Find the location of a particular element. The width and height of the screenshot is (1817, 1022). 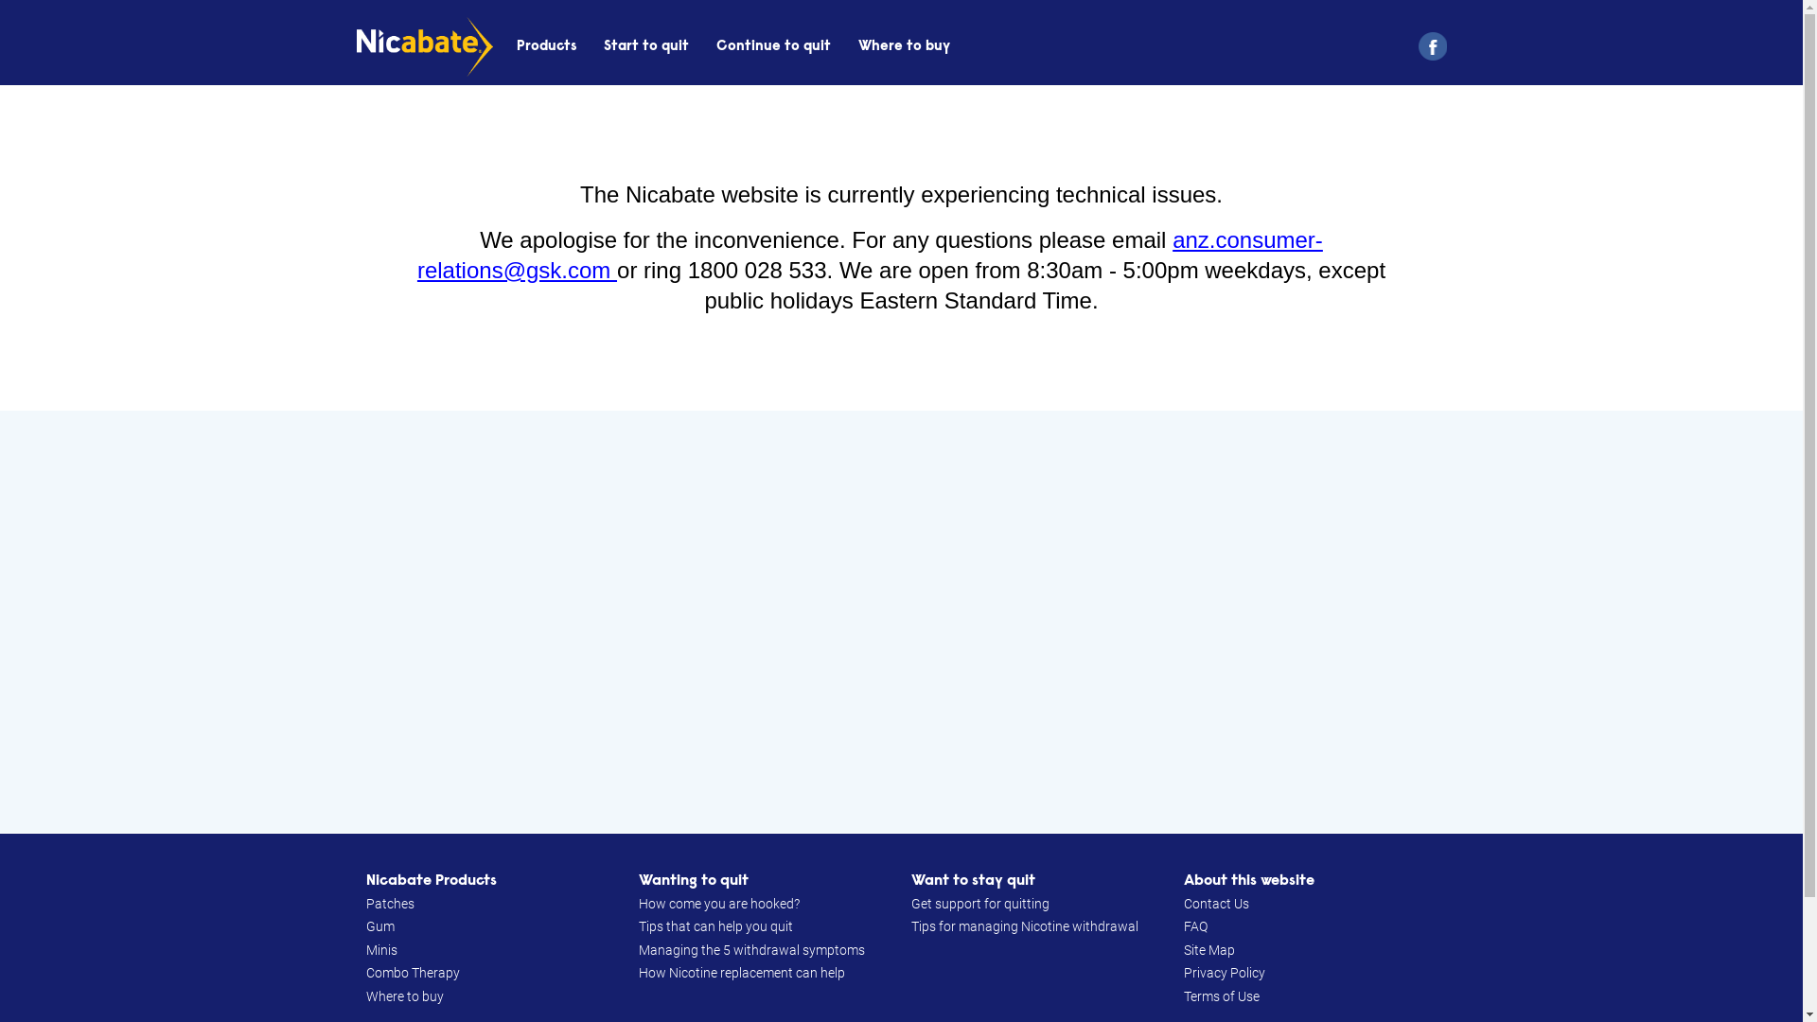

'Get support for quitting' is located at coordinates (909, 903).